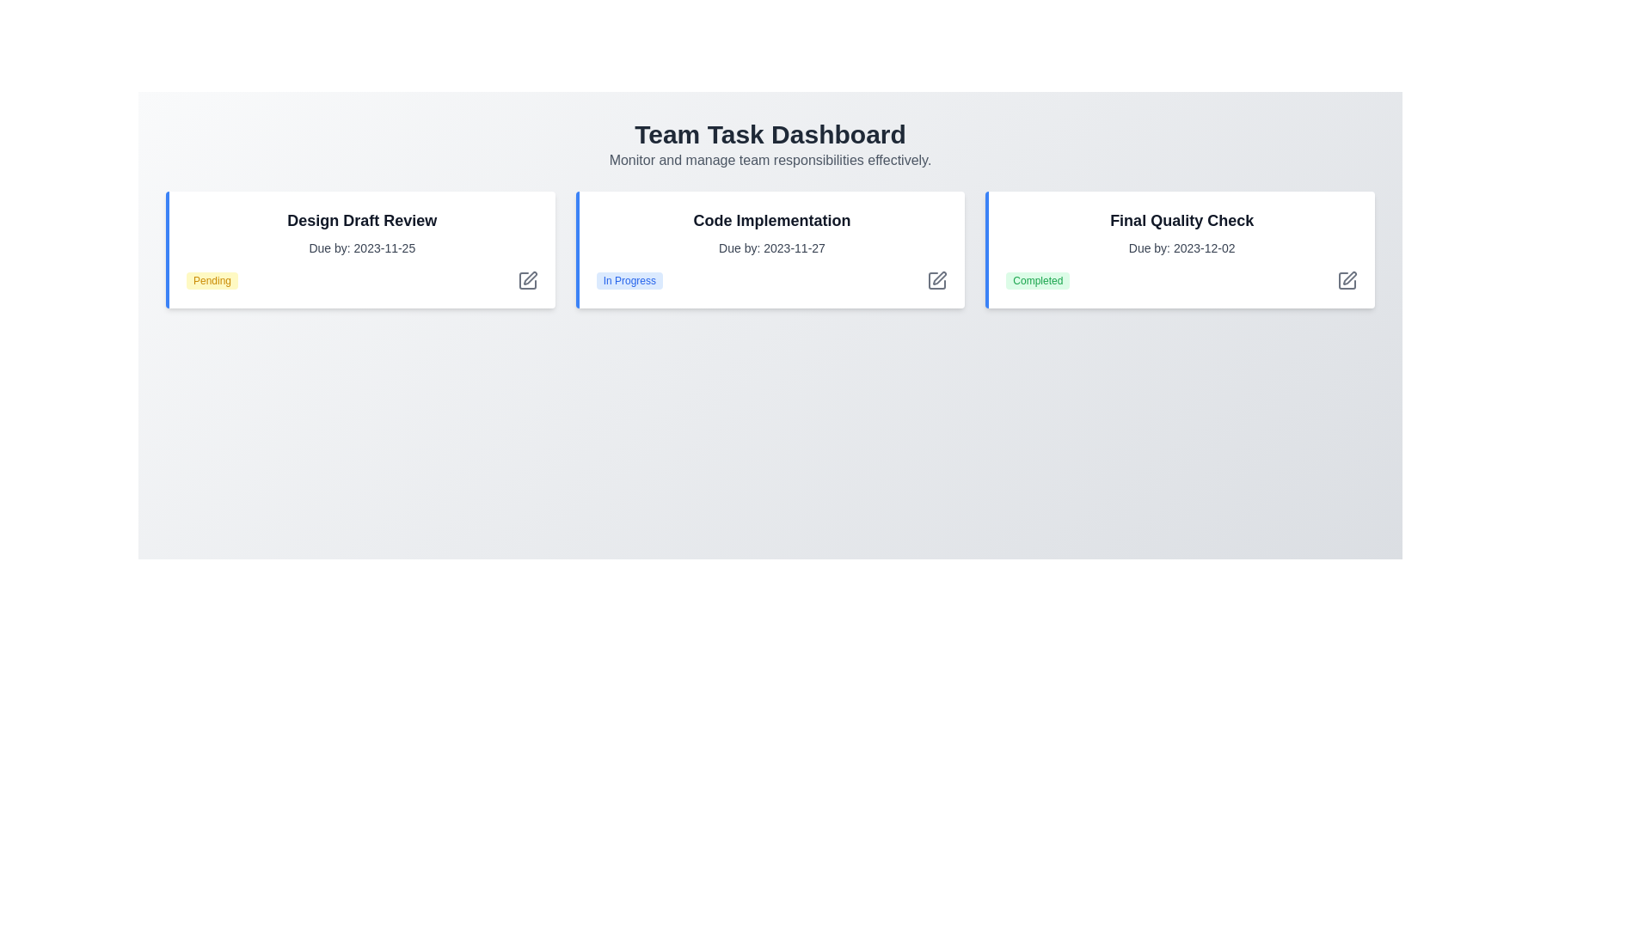 This screenshot has width=1651, height=928. What do you see at coordinates (1181, 220) in the screenshot?
I see `the Text label that serves as the title or heading for the associated task card, located at the top of the card in a three-column layout` at bounding box center [1181, 220].